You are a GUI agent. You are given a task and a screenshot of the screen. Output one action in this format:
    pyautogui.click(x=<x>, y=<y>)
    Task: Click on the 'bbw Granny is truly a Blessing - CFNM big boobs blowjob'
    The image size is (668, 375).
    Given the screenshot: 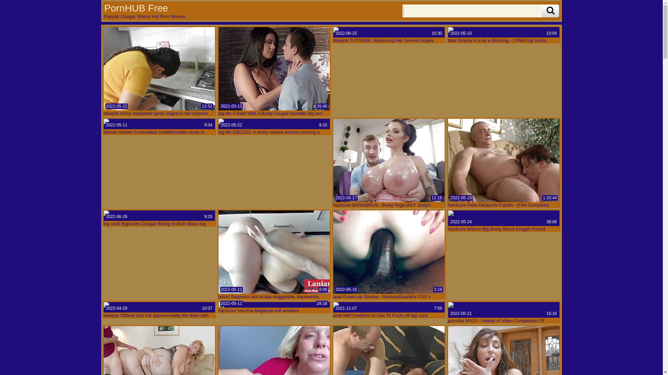 What is the action you would take?
    pyautogui.click(x=504, y=32)
    